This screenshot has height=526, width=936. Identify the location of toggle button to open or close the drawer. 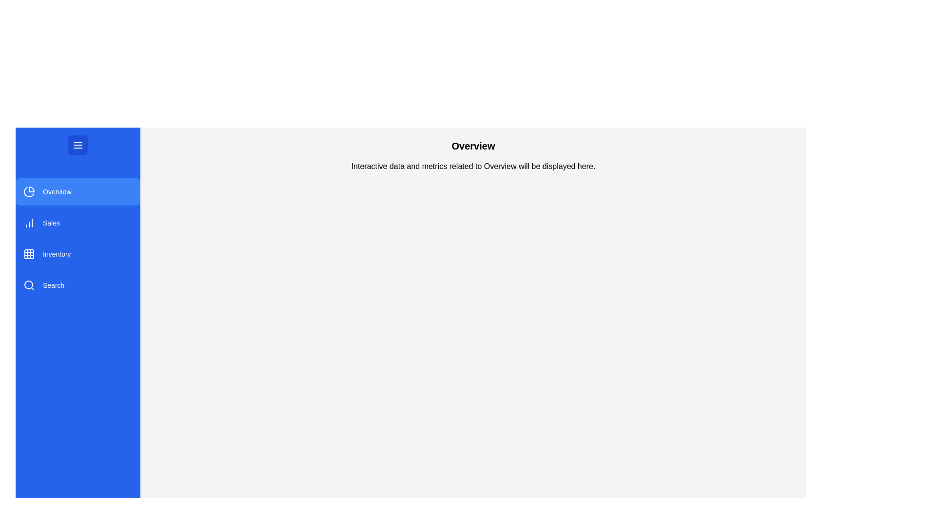
(77, 145).